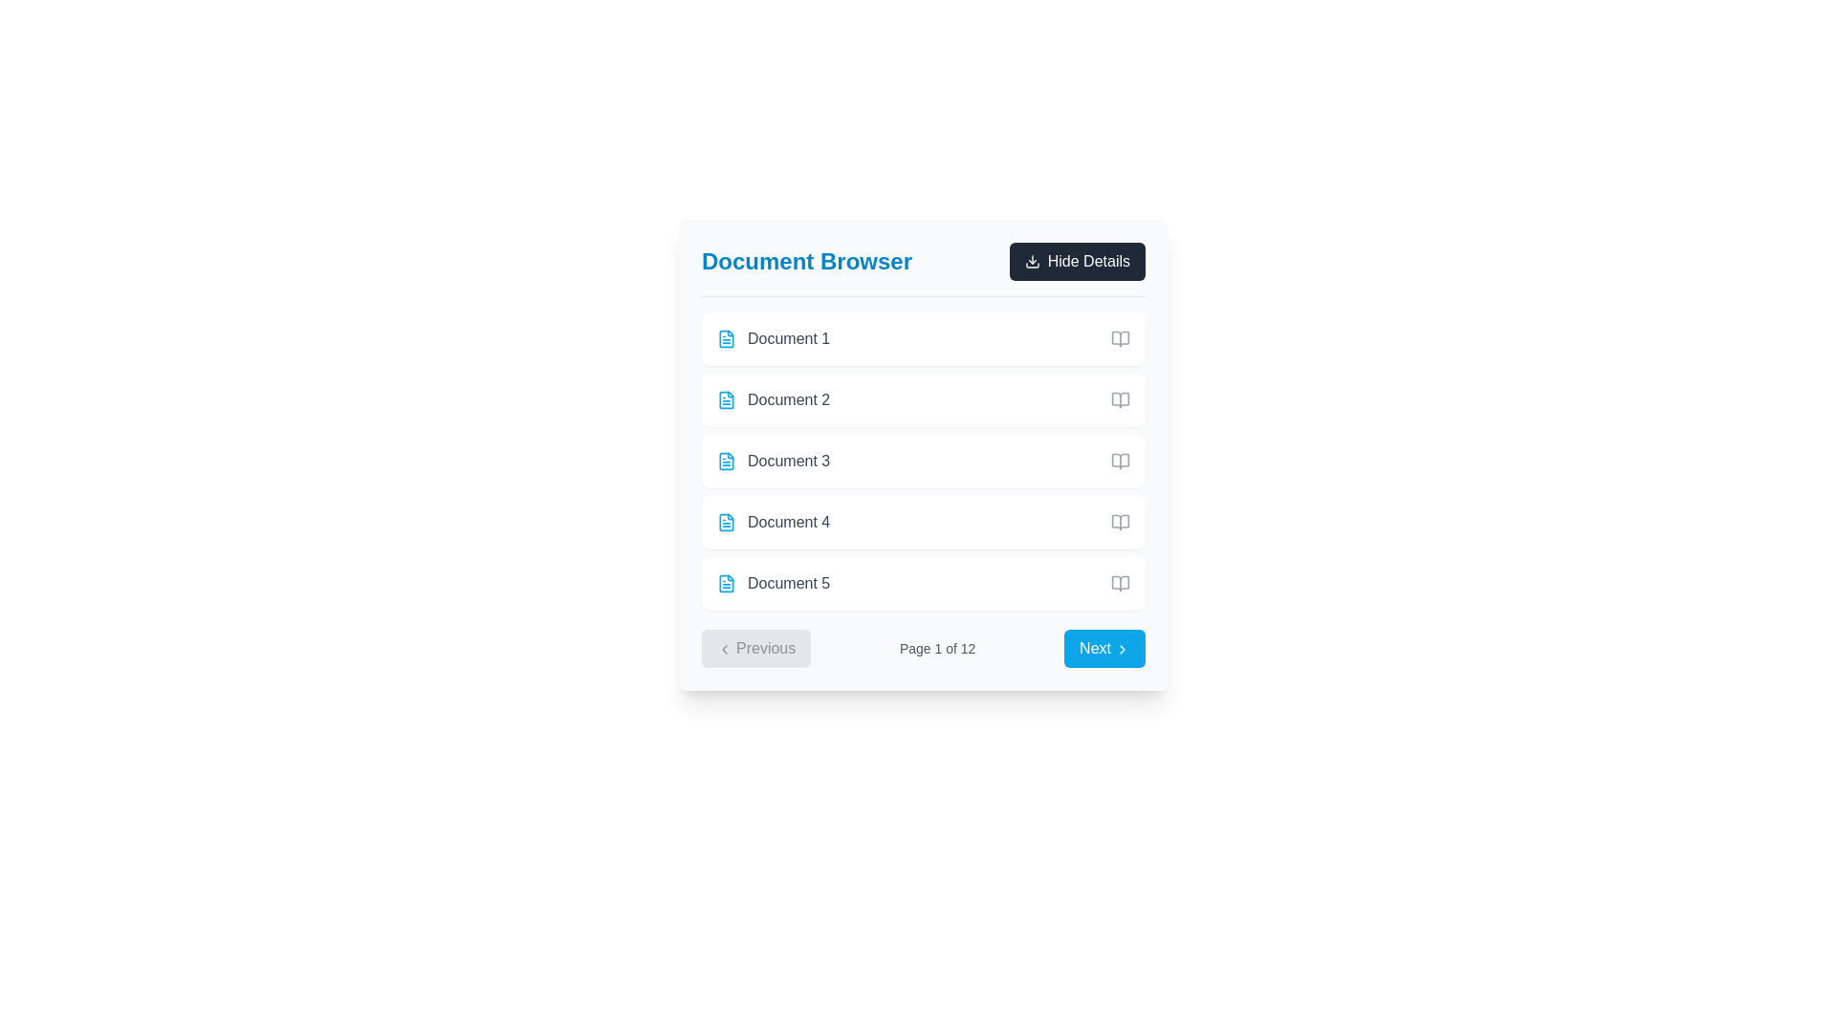 The width and height of the screenshot is (1836, 1032). What do you see at coordinates (725, 523) in the screenshot?
I see `the document icon located in the left part of the fourth row of the document list in the 'Document Browser' interface, adjacent to the text label 'Document 4'` at bounding box center [725, 523].